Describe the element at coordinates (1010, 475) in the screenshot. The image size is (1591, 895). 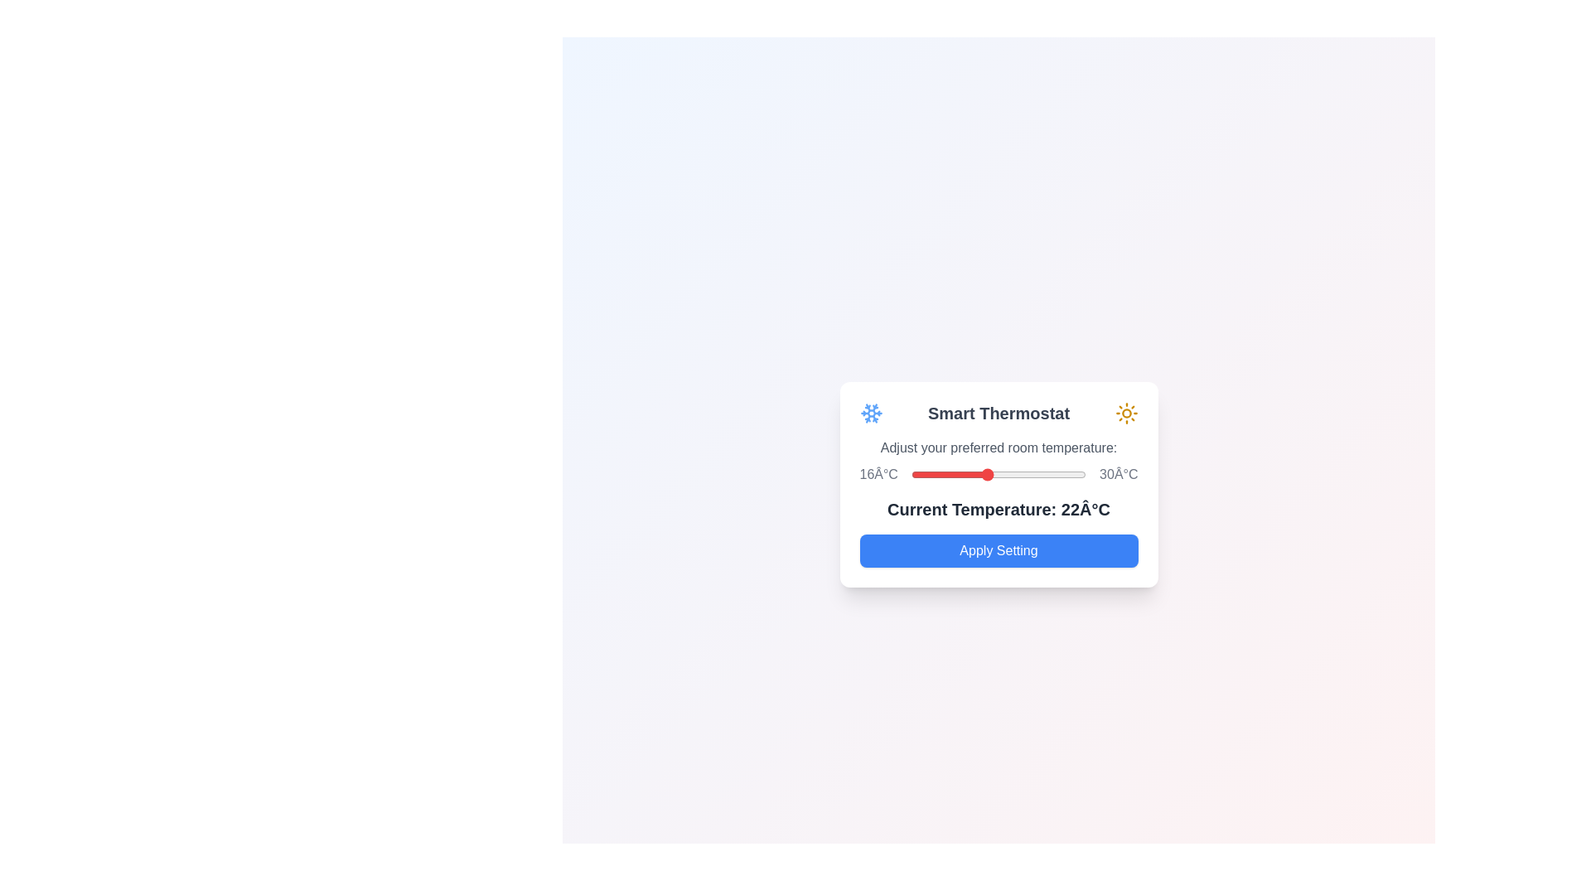
I see `the temperature slider to set the temperature to 24°C` at that location.